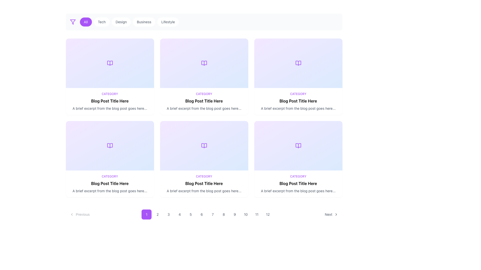  Describe the element at coordinates (298, 145) in the screenshot. I see `the SVG icon representing an open book located in the sixth card of the grid` at that location.